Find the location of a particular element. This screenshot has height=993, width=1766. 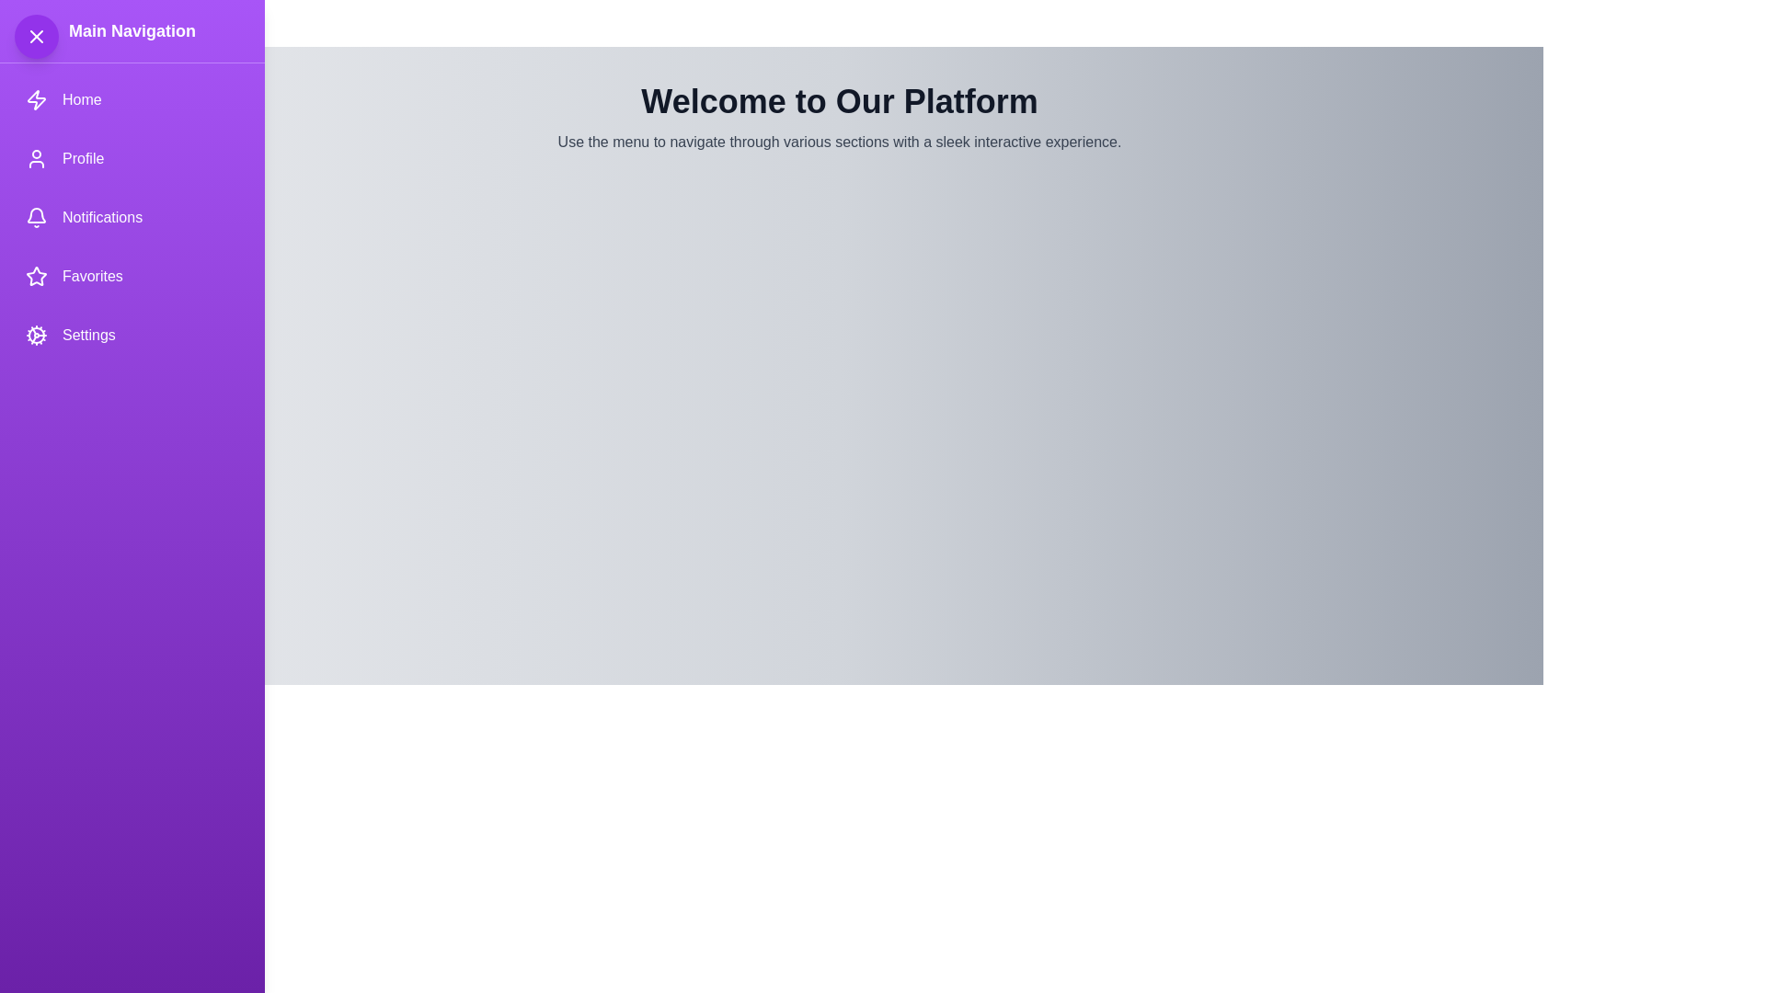

the button at the top-left corner to toggle the drawer's visibility is located at coordinates (36, 36).